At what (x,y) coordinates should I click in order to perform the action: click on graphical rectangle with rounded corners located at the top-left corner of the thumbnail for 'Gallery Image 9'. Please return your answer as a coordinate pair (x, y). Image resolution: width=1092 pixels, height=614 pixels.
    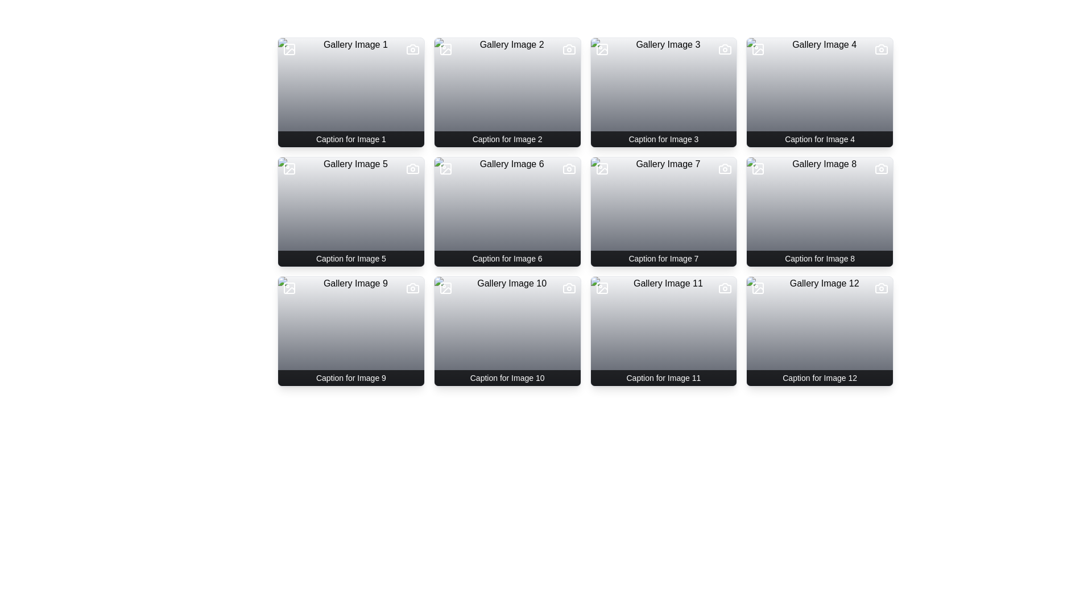
    Looking at the image, I should click on (289, 287).